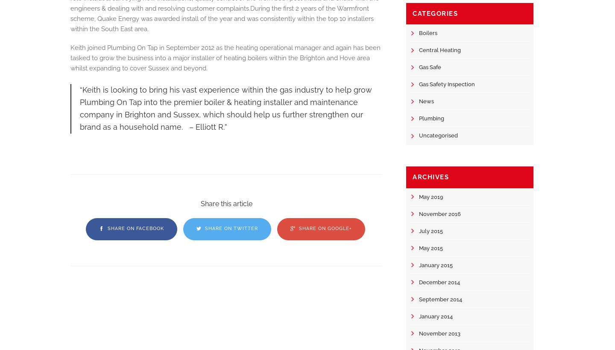 The image size is (615, 350). I want to click on 'Central Heating', so click(419, 50).